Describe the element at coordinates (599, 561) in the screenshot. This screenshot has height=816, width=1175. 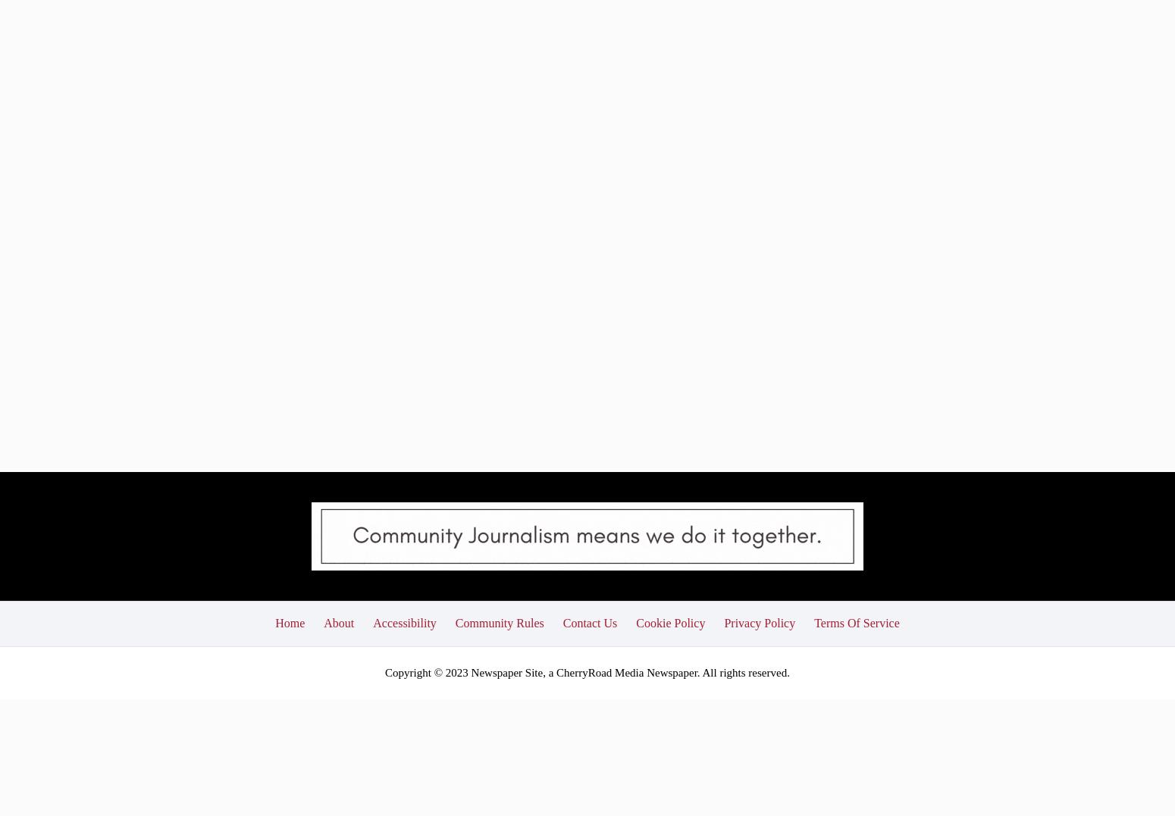
I see `'CherryRoad Media'` at that location.